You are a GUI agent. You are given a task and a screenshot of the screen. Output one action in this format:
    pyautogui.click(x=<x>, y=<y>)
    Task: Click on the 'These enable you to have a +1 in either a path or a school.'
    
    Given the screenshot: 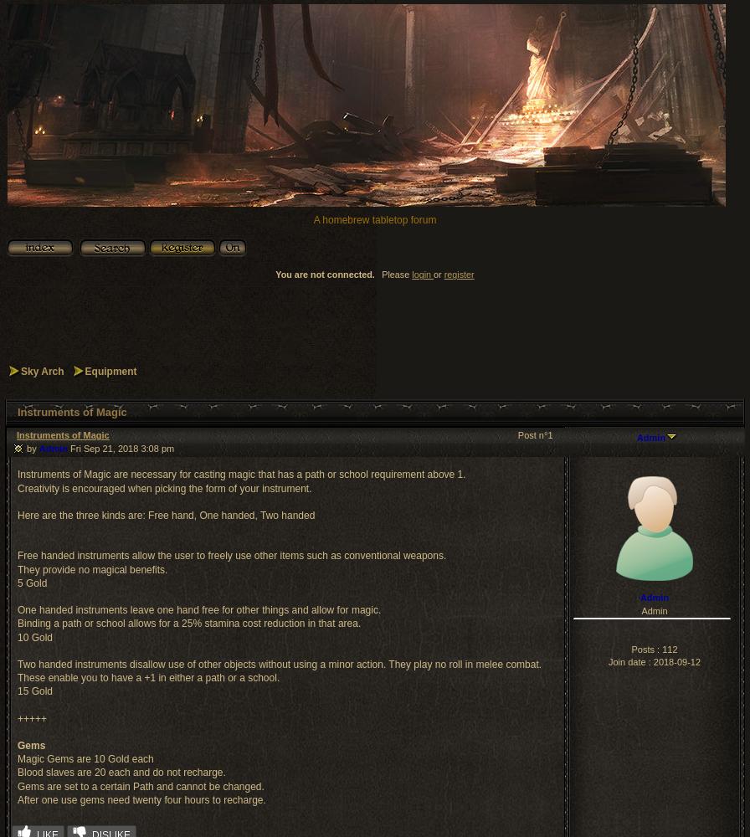 What is the action you would take?
    pyautogui.click(x=148, y=678)
    